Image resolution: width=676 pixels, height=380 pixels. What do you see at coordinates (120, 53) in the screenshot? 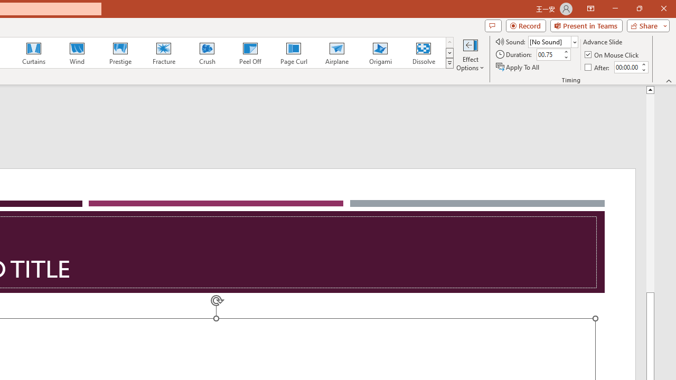
I see `'Prestige'` at bounding box center [120, 53].